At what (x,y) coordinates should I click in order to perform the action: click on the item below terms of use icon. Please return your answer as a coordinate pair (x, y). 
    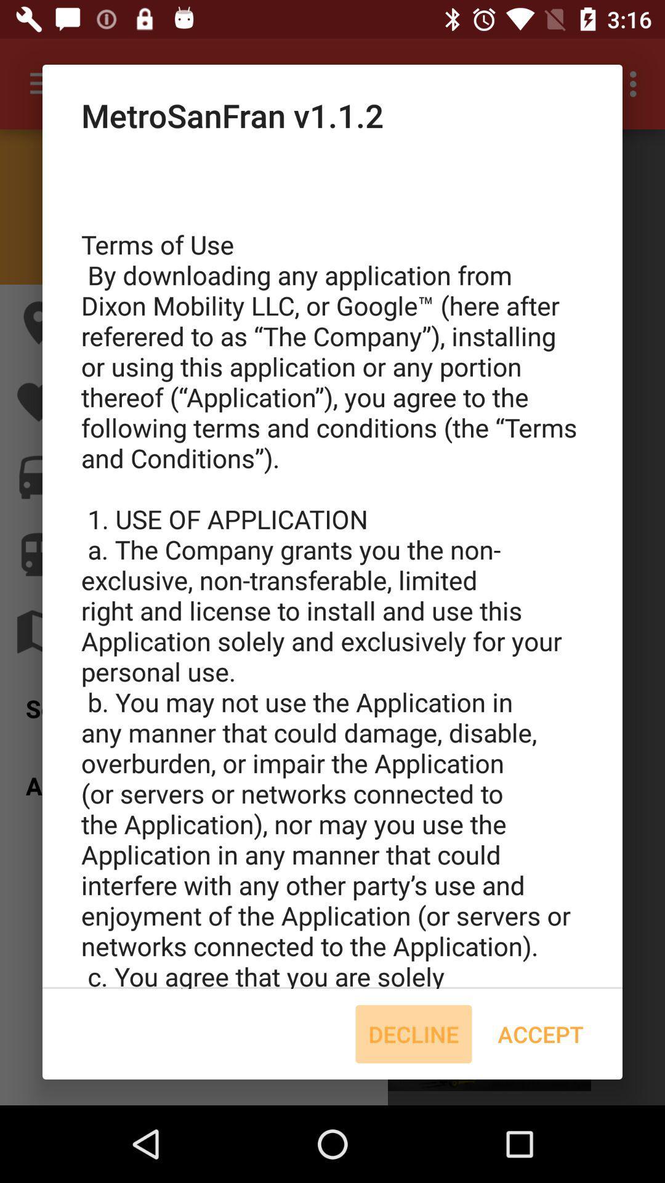
    Looking at the image, I should click on (413, 1034).